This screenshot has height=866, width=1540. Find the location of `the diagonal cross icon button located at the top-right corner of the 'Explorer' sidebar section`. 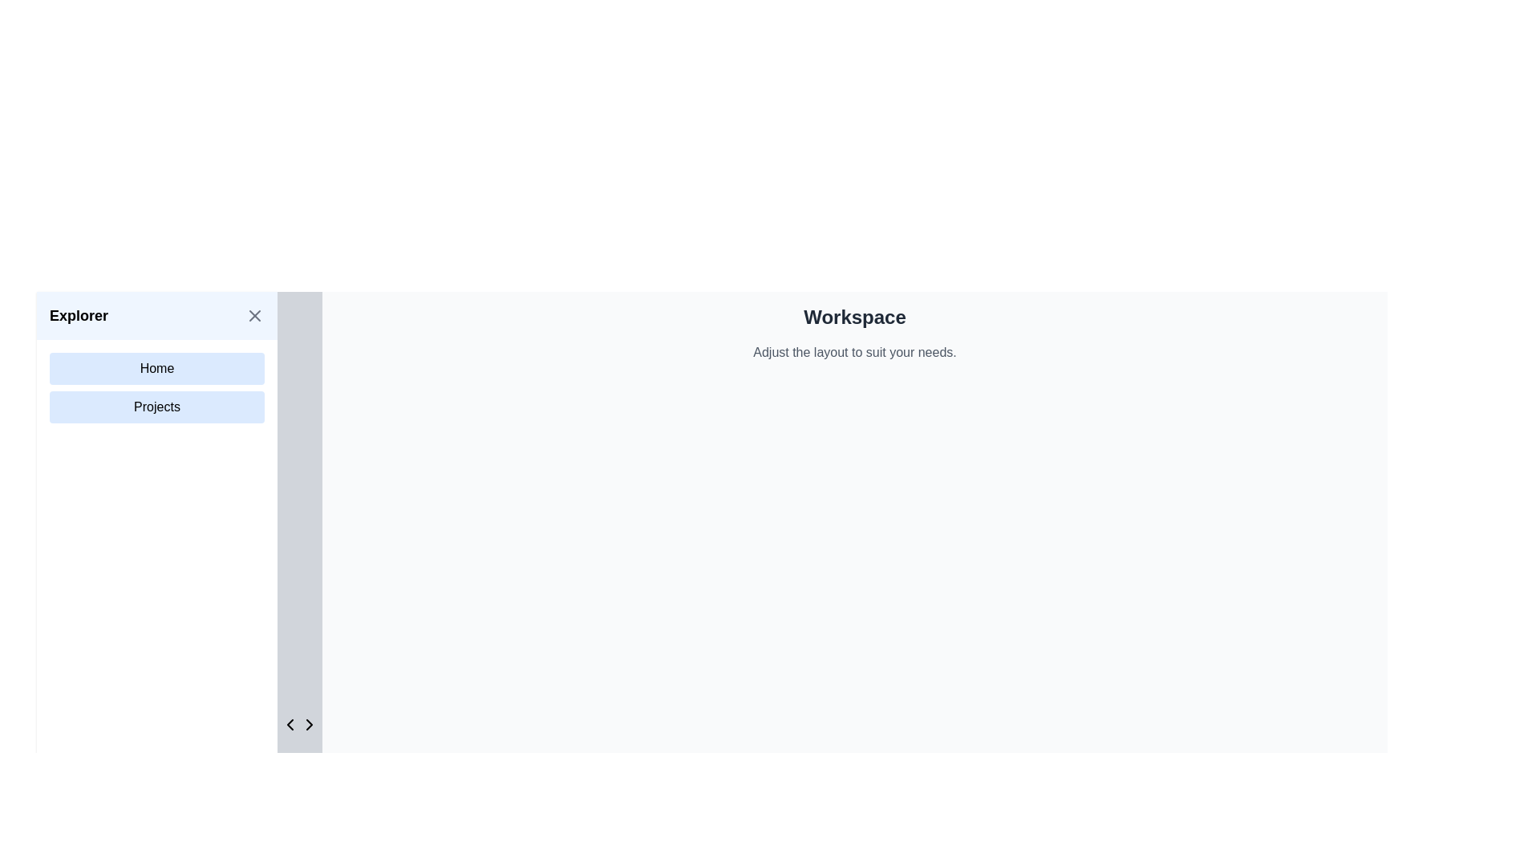

the diagonal cross icon button located at the top-right corner of the 'Explorer' sidebar section is located at coordinates (253, 315).